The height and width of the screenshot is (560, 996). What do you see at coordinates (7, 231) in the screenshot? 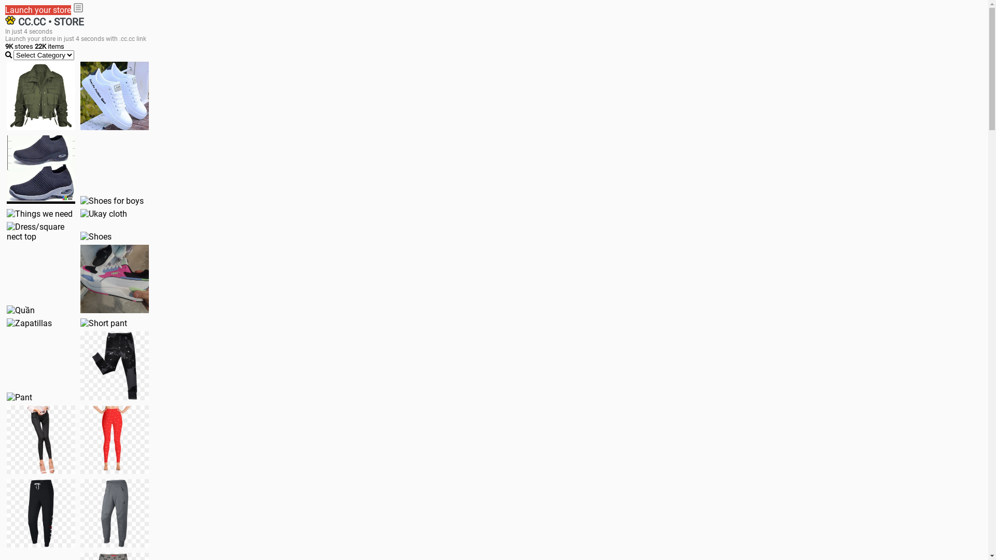
I see `'Dress/square nect top'` at bounding box center [7, 231].